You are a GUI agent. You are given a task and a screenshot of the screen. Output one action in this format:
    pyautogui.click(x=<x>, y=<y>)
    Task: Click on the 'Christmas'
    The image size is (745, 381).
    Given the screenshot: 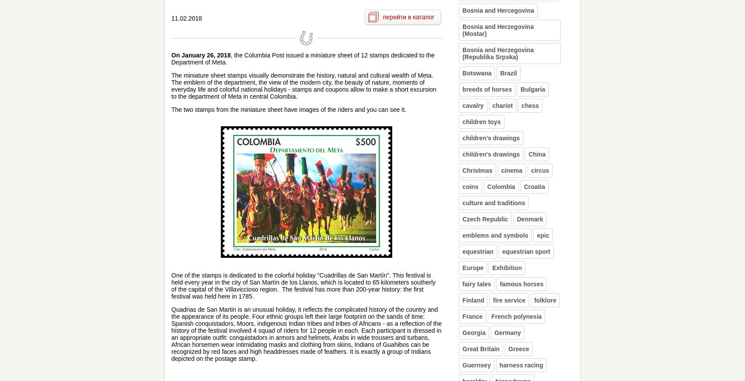 What is the action you would take?
    pyautogui.click(x=477, y=170)
    